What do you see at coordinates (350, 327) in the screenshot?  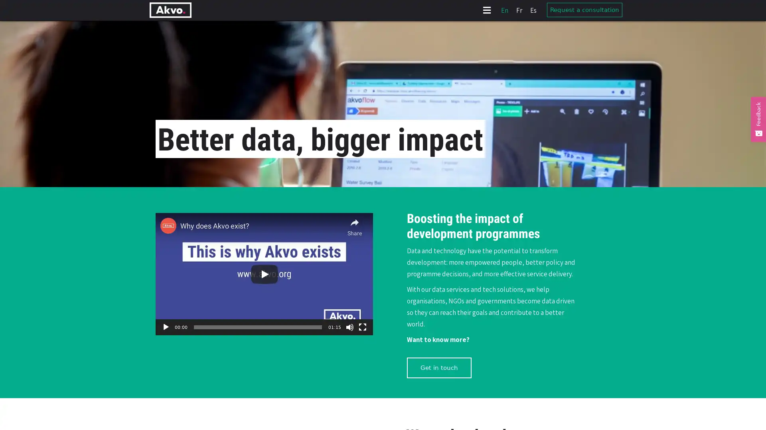 I see `Mute` at bounding box center [350, 327].